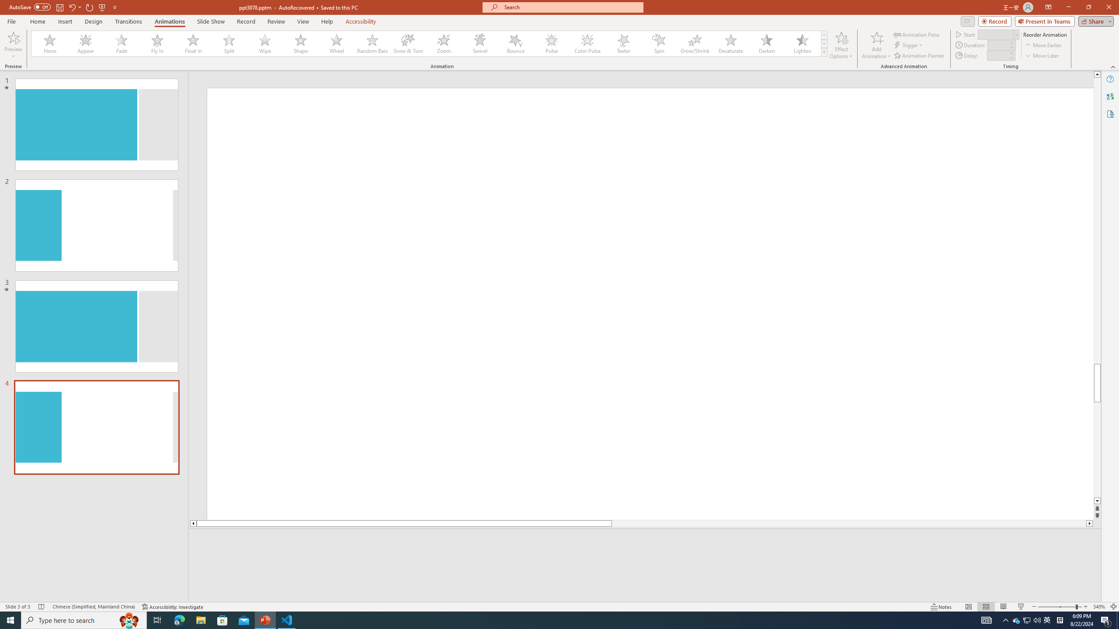  Describe the element at coordinates (1099, 607) in the screenshot. I see `'Zoom 340%'` at that location.